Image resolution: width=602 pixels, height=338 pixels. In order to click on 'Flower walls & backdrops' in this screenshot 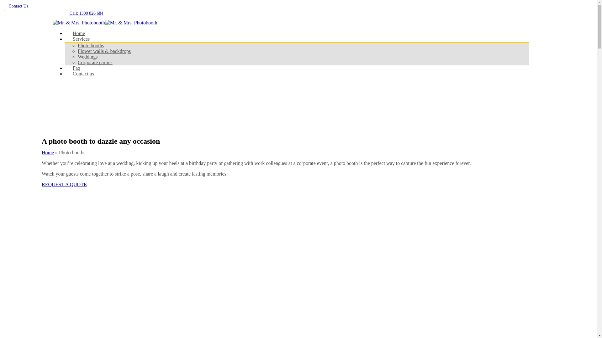, I will do `click(104, 51)`.